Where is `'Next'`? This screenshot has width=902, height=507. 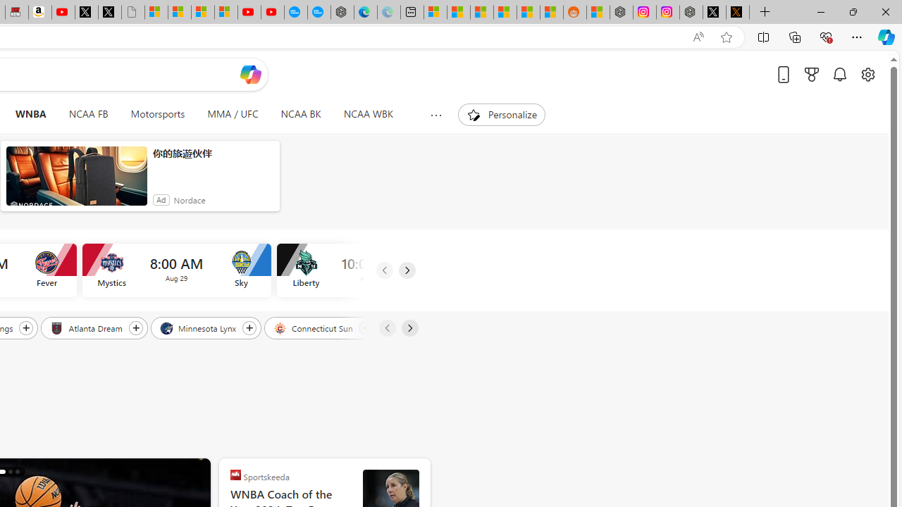
'Next' is located at coordinates (409, 327).